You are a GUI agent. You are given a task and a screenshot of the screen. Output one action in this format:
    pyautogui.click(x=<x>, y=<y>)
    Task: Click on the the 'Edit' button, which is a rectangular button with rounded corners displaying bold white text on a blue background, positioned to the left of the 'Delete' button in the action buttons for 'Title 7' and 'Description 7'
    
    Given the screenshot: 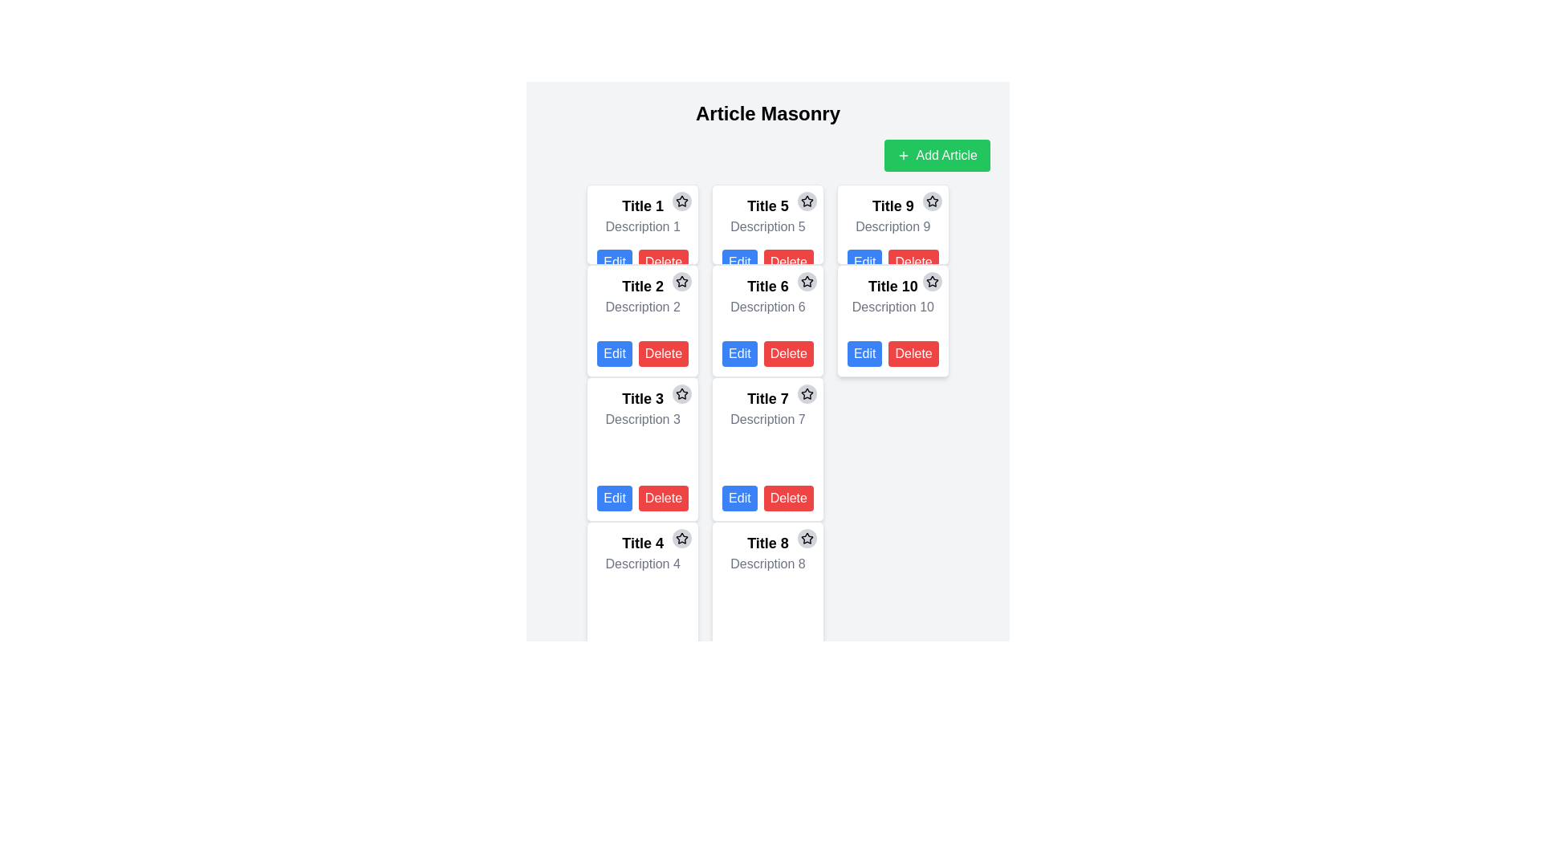 What is the action you would take?
    pyautogui.click(x=738, y=498)
    